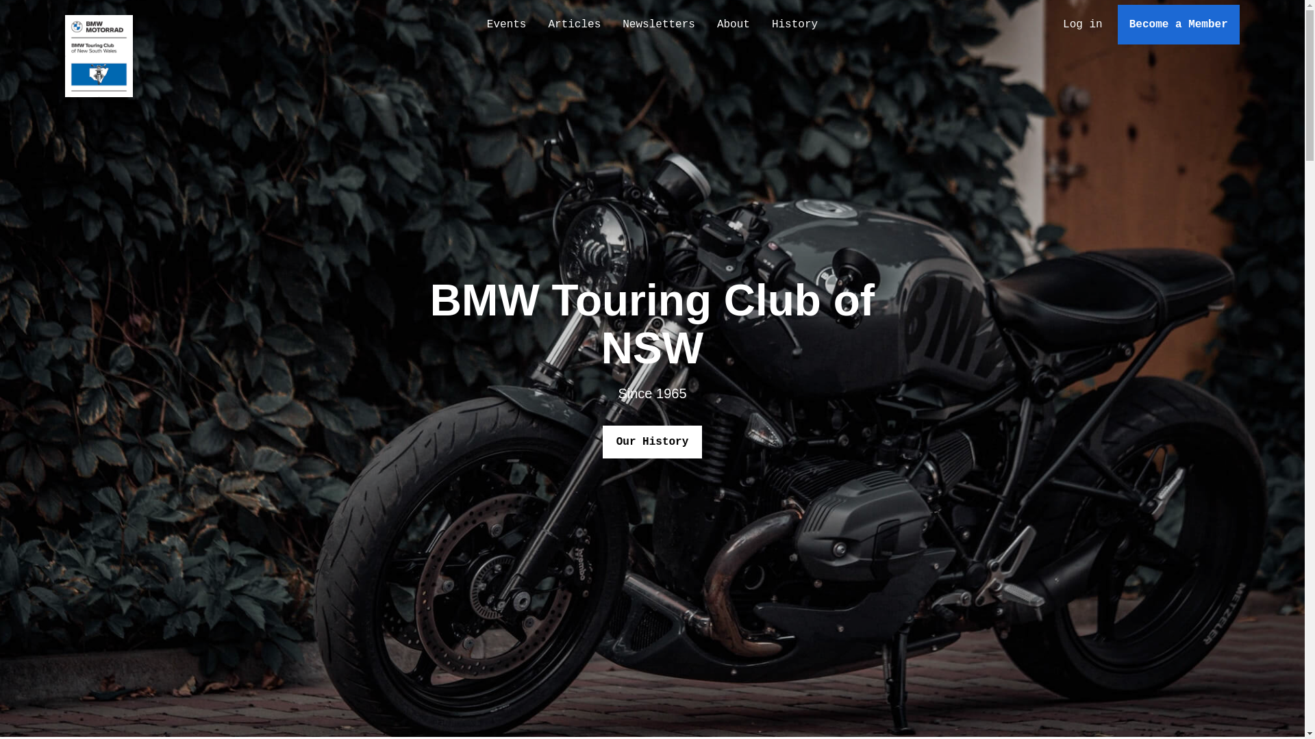  I want to click on 'About', so click(732, 24).